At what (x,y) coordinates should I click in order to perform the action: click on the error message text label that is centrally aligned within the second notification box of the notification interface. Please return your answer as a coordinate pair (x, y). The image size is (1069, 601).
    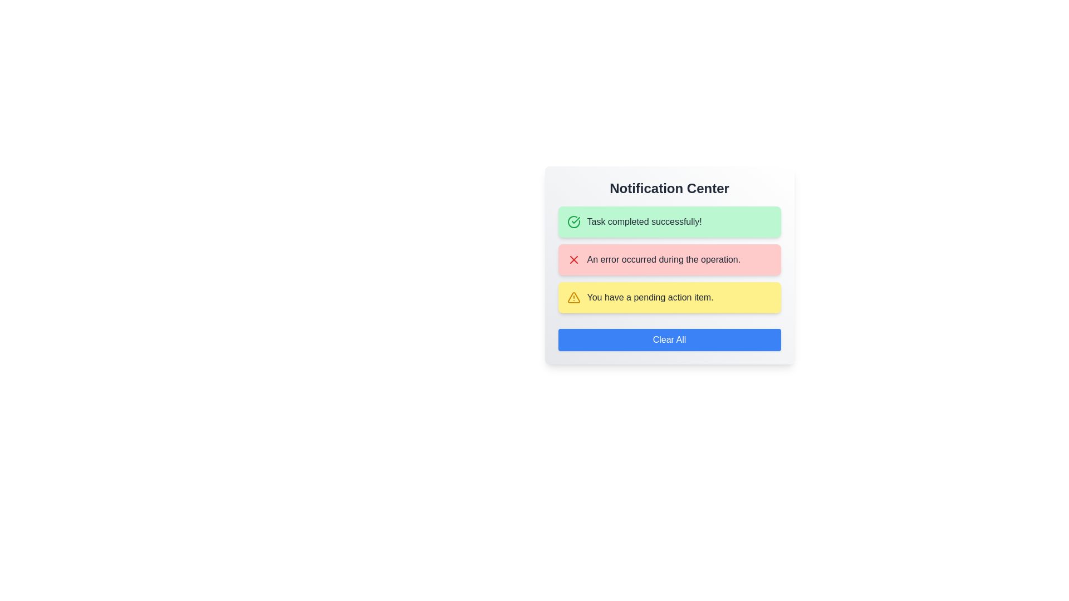
    Looking at the image, I should click on (664, 259).